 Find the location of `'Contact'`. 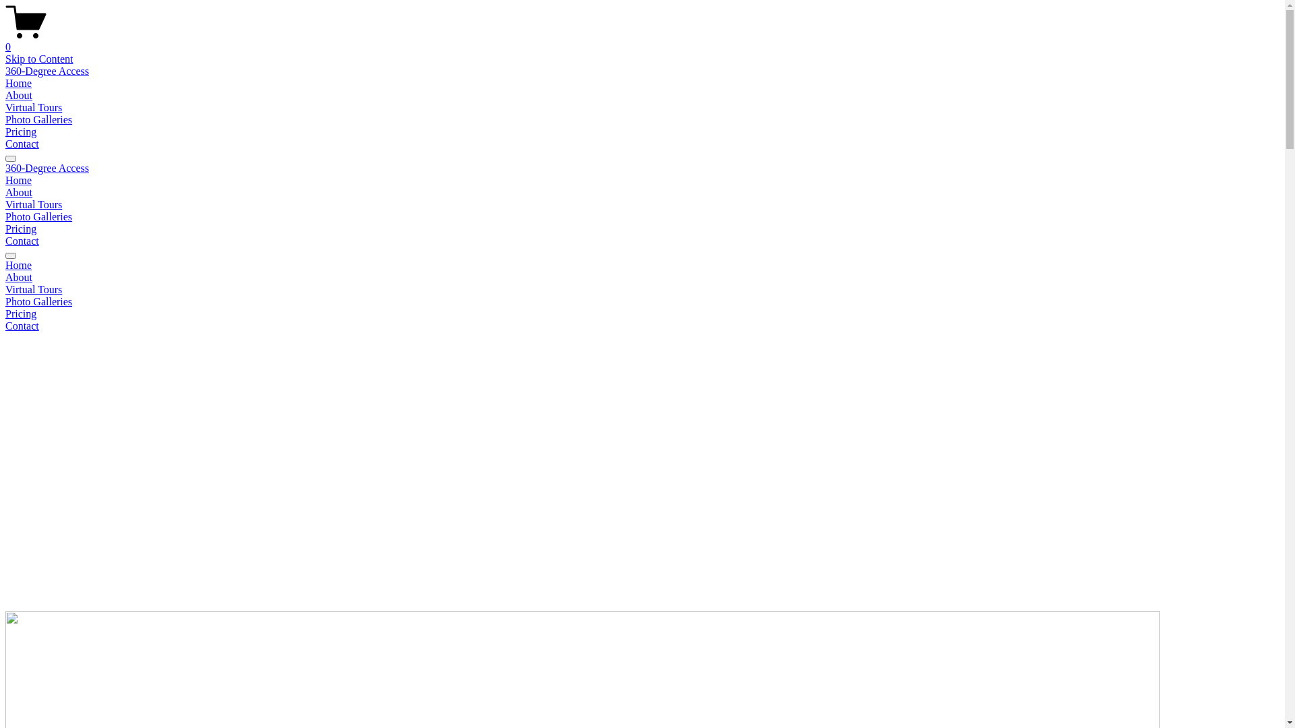

'Contact' is located at coordinates (22, 240).